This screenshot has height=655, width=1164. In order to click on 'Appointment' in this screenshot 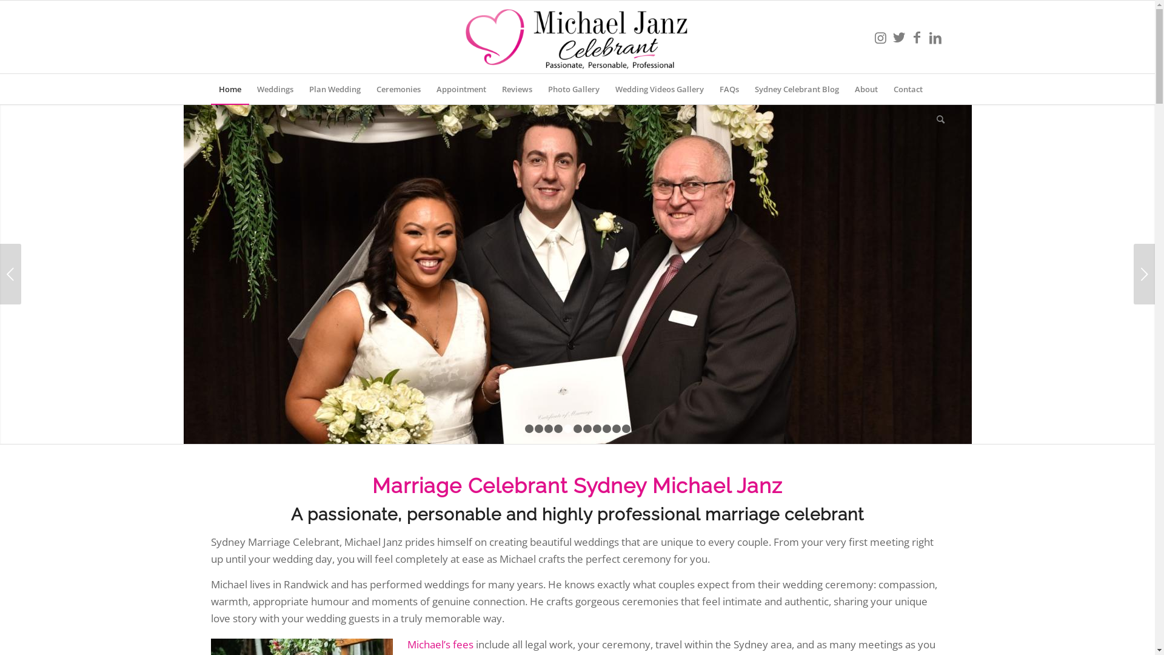, I will do `click(460, 88)`.